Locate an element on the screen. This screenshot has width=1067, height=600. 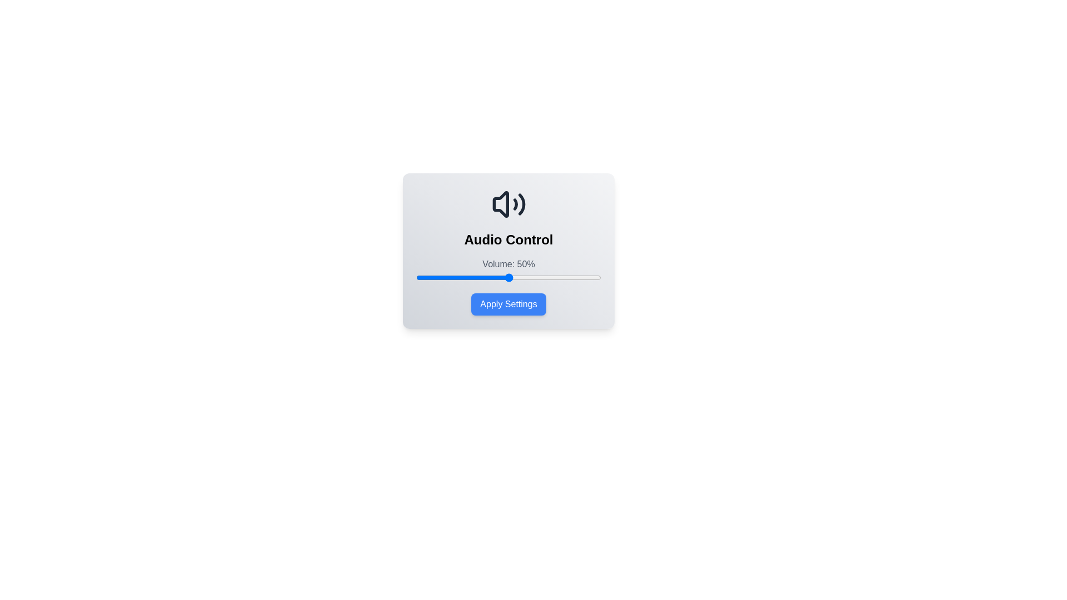
the 'Audio Control' text display, which is a large, bold black font element located within a card interface, positioned between the speaker icon and the text 'Volume: 50%' is located at coordinates (508, 239).